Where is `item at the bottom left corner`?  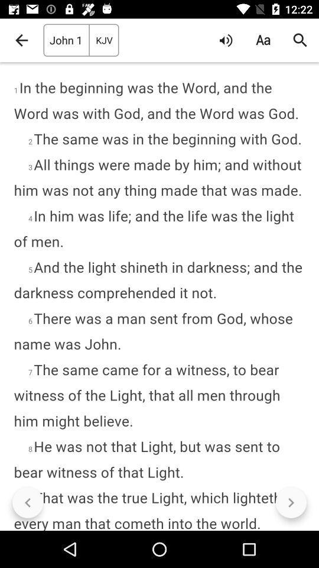 item at the bottom left corner is located at coordinates (28, 502).